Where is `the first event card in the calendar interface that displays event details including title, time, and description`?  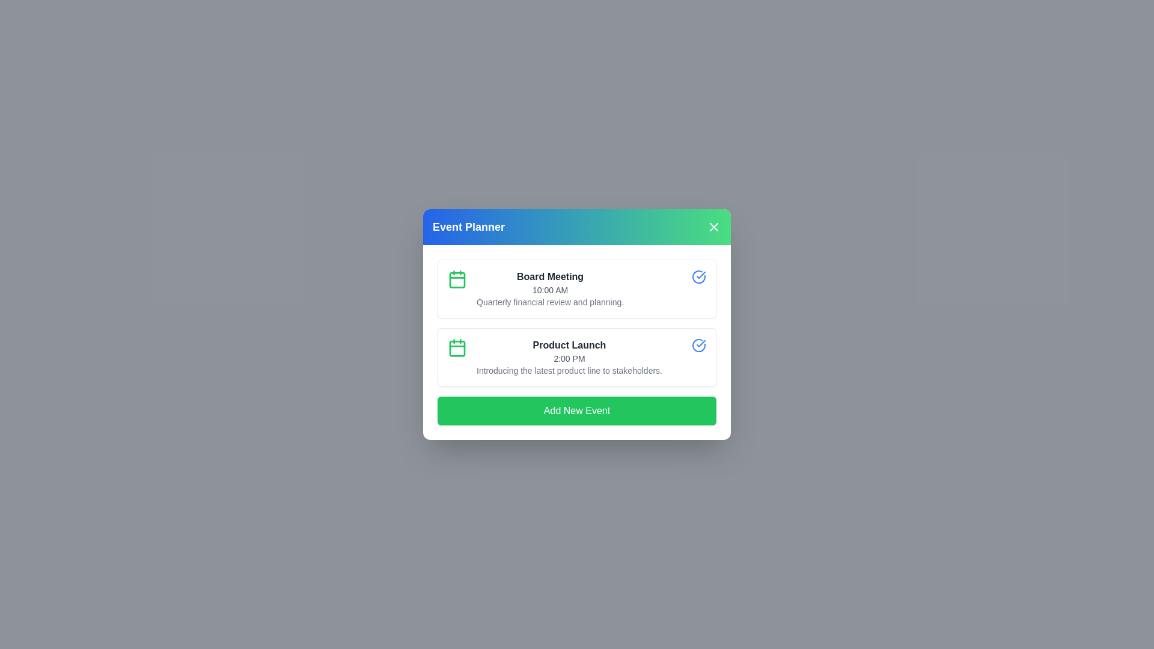
the first event card in the calendar interface that displays event details including title, time, and description is located at coordinates (577, 289).